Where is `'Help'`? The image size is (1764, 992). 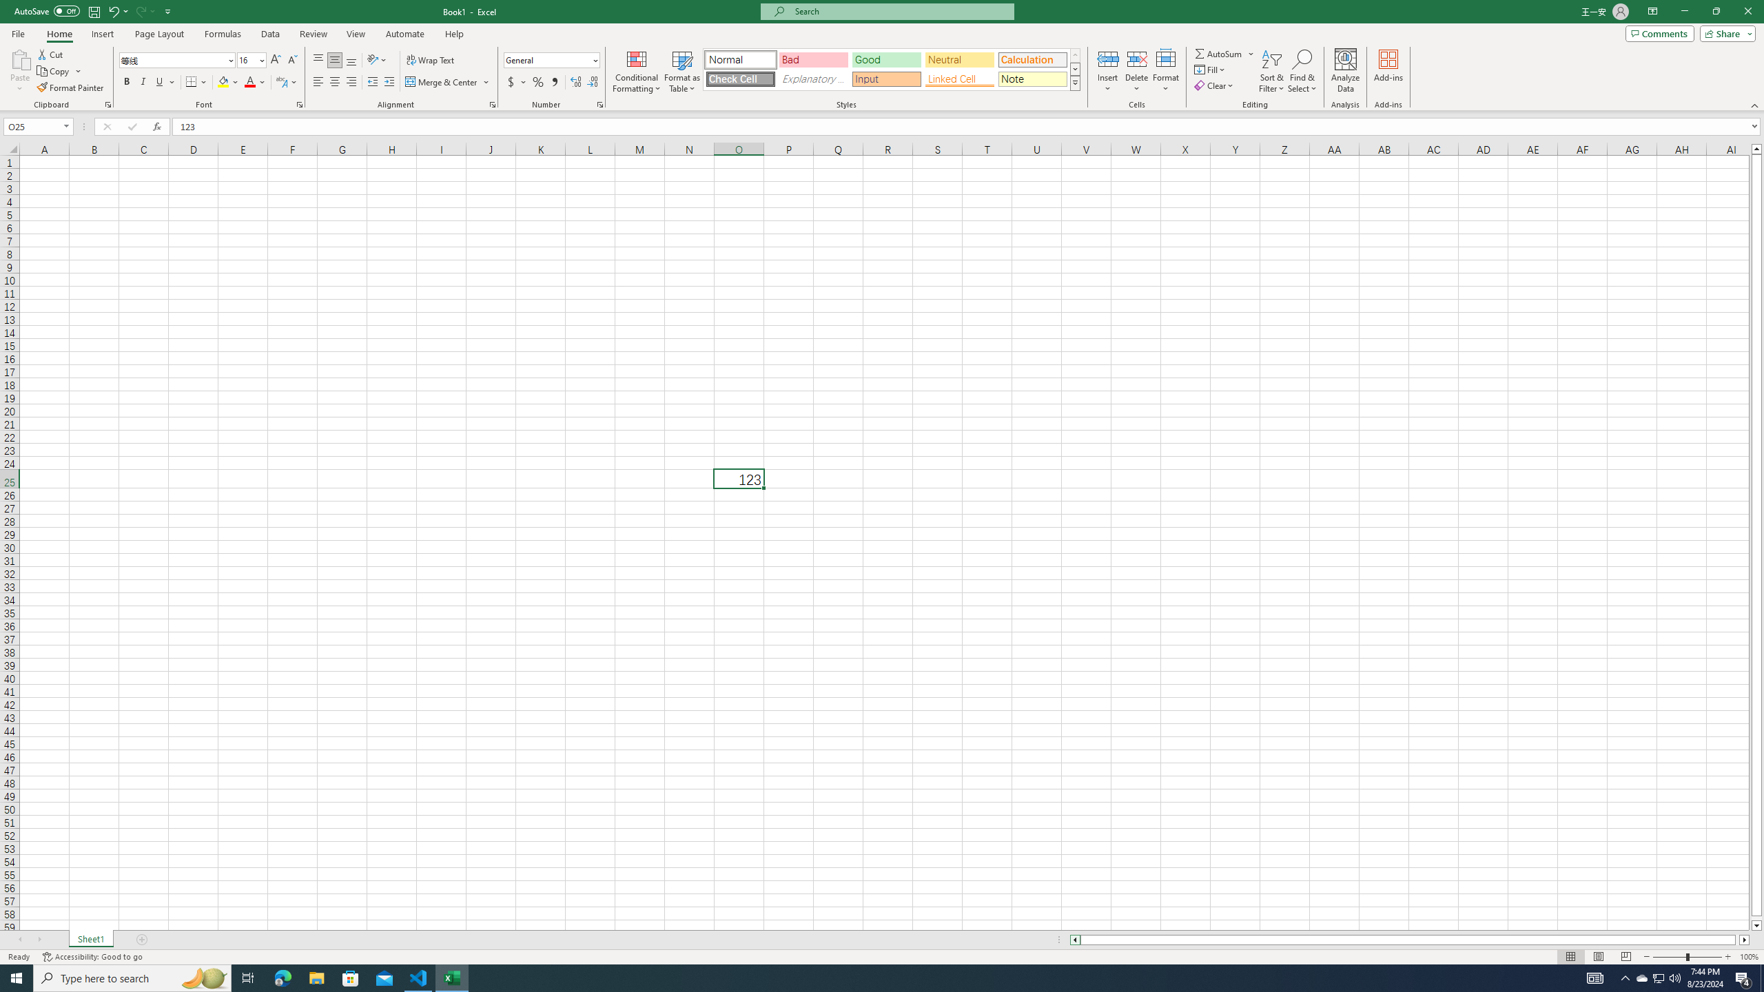
'Help' is located at coordinates (454, 34).